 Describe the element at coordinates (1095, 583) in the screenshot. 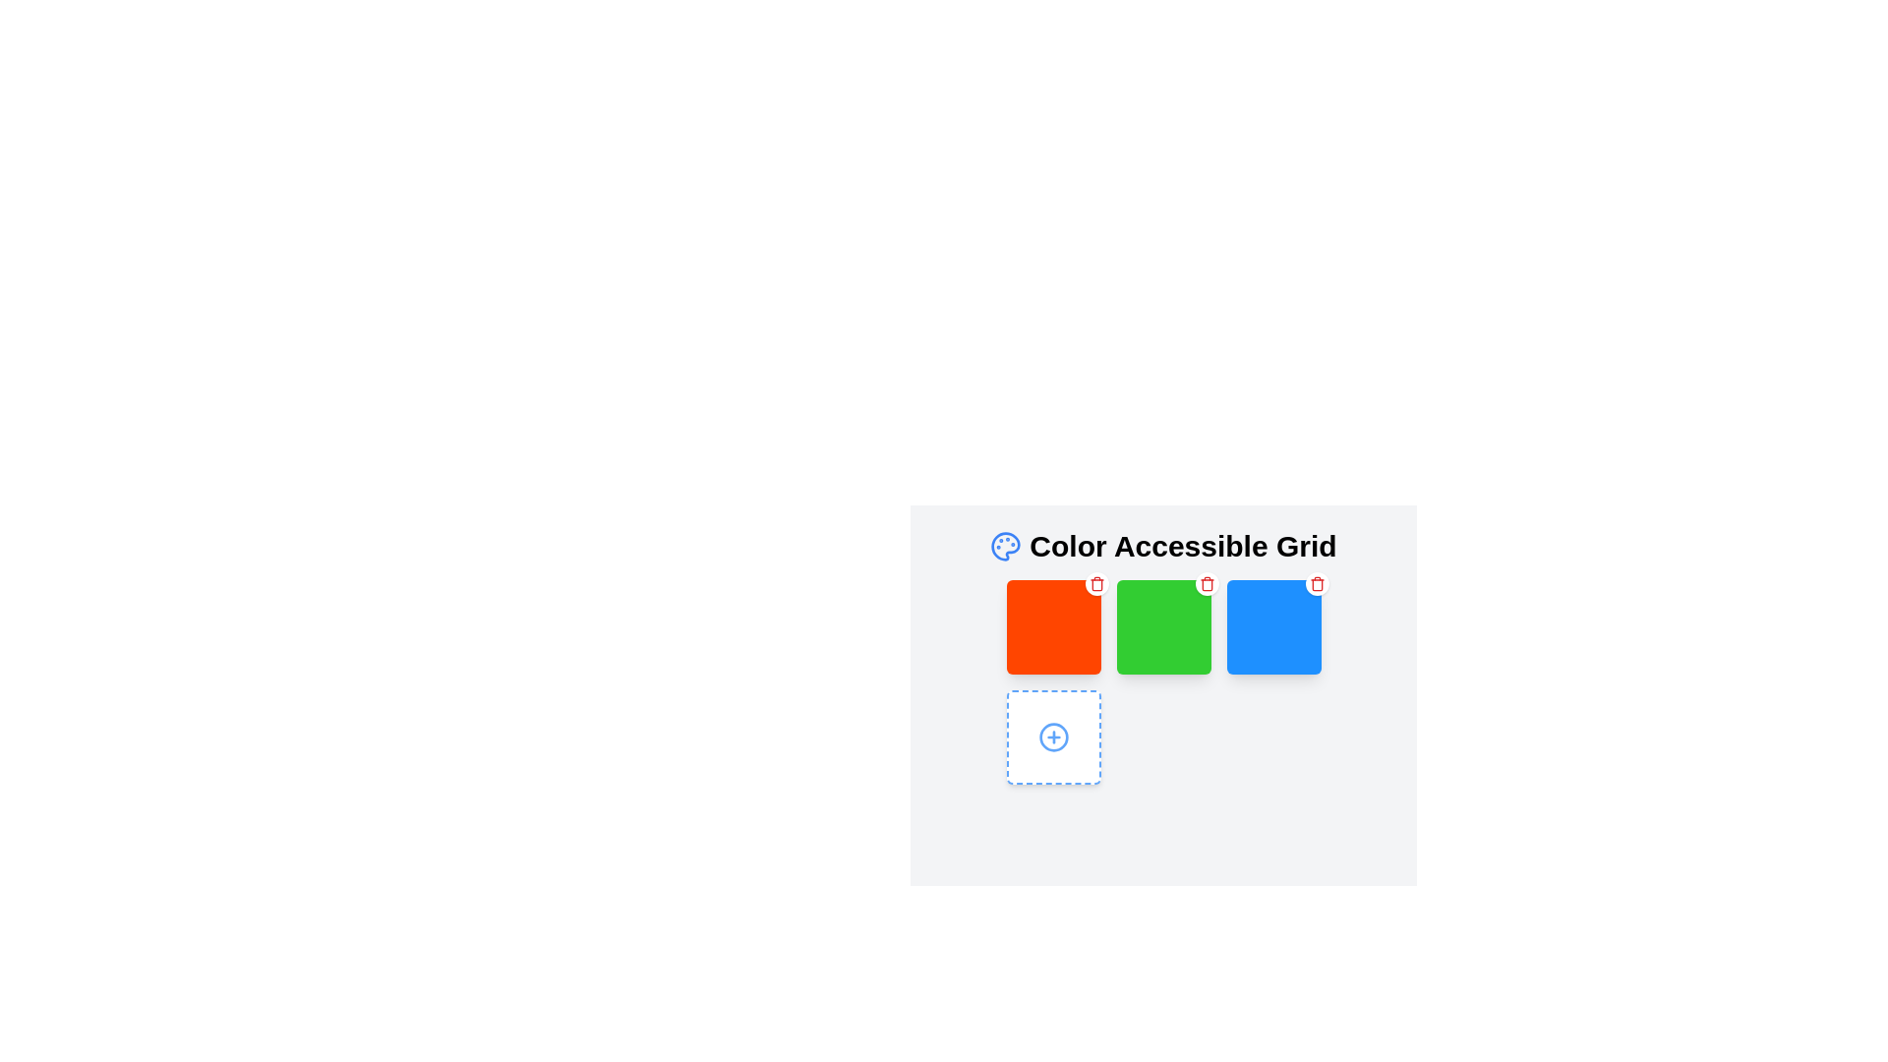

I see `the delete button (trash icon) located at the top-right corner of the green square tile in the 'Color Accessible Grid' interface` at that location.